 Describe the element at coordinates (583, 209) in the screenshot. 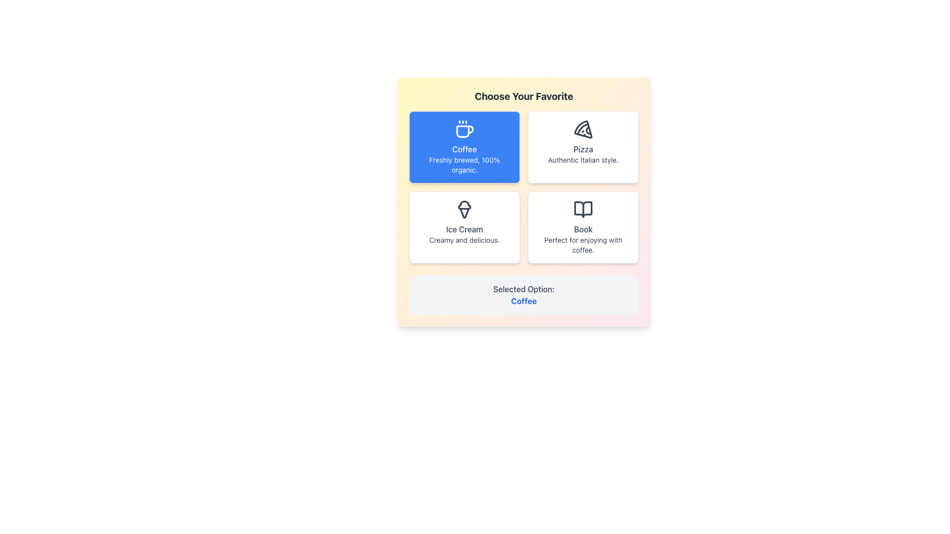

I see `the 'Book' icon located in the fourth card of the second row in the 'Choose Your Favorite' interface section` at that location.